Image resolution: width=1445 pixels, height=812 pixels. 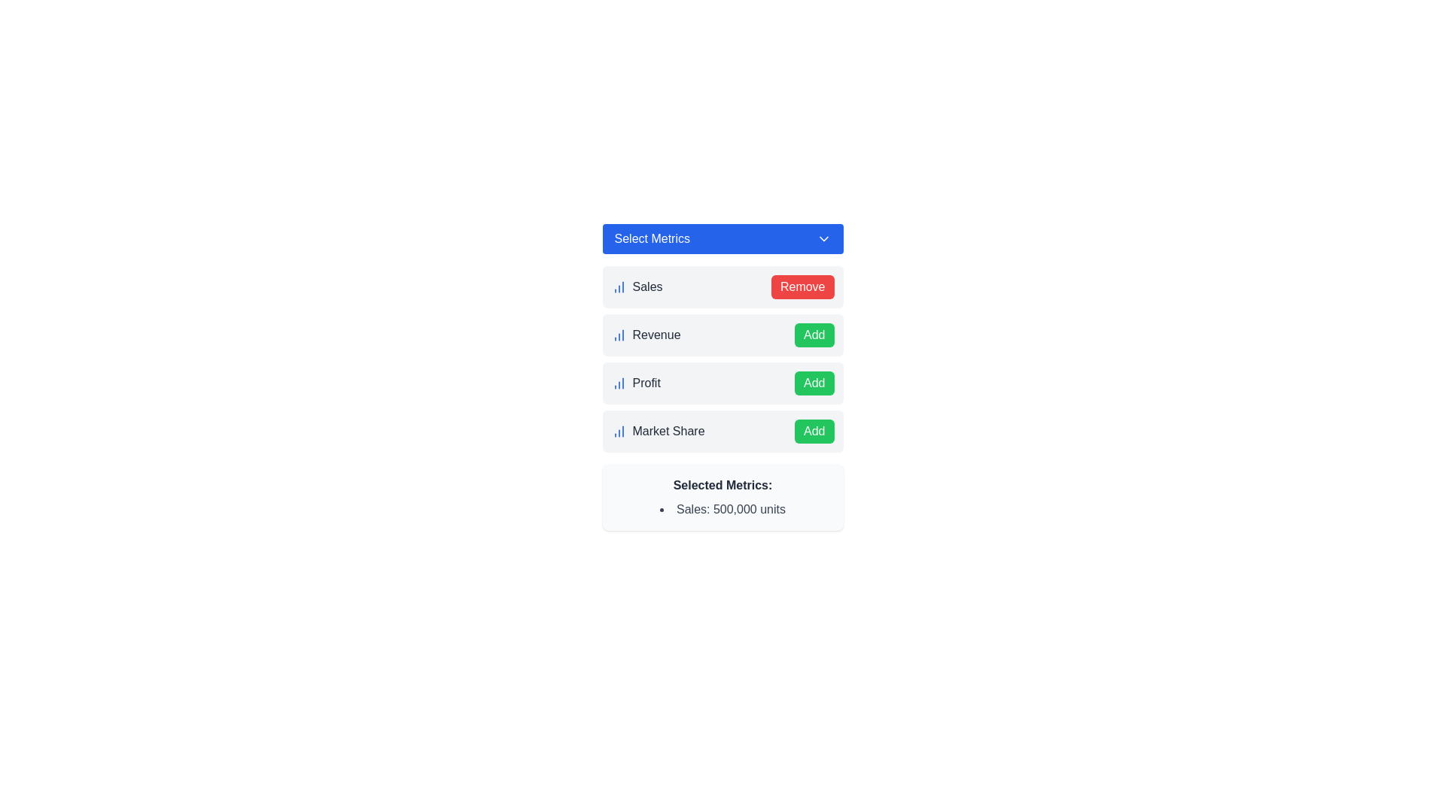 I want to click on the small downward-pointing chevron icon located in the blue header section of the 'Select Metrics' dropdown menu, so click(x=823, y=238).